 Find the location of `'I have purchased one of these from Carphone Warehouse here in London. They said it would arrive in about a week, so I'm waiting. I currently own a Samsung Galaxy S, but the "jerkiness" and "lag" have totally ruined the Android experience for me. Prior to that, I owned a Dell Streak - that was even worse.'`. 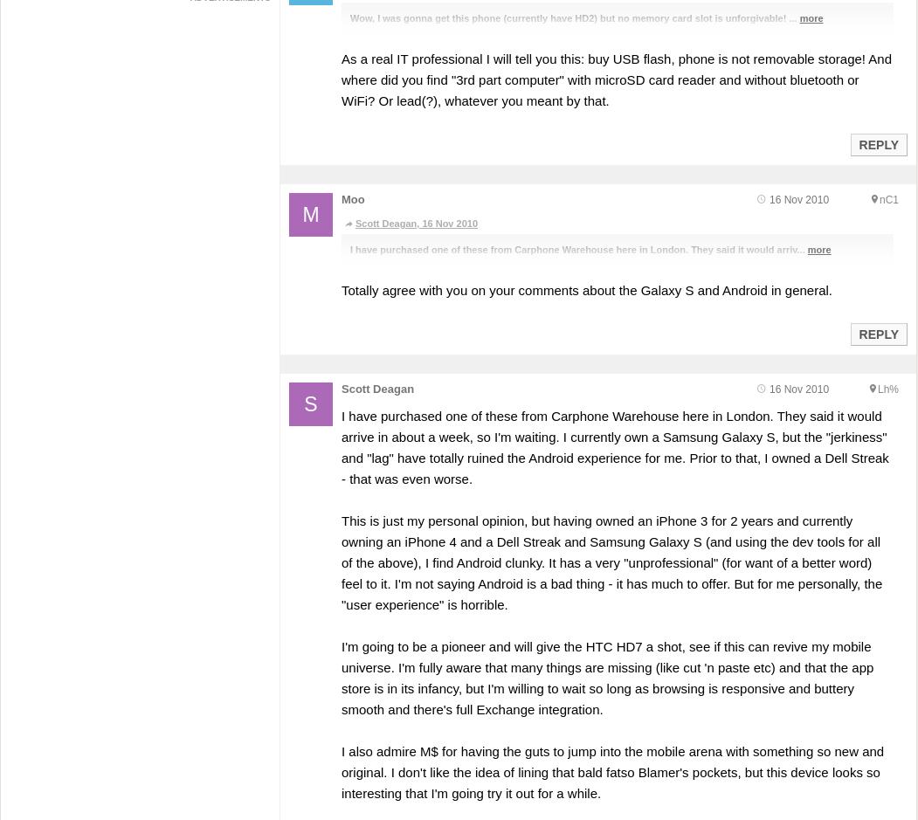

'I have purchased one of these from Carphone Warehouse here in London. They said it would arrive in about a week, so I'm waiting. I currently own a Samsung Galaxy S, but the "jerkiness" and "lag" have totally ruined the Android experience for me. Prior to that, I owned a Dell Streak - that was even worse.' is located at coordinates (340, 446).